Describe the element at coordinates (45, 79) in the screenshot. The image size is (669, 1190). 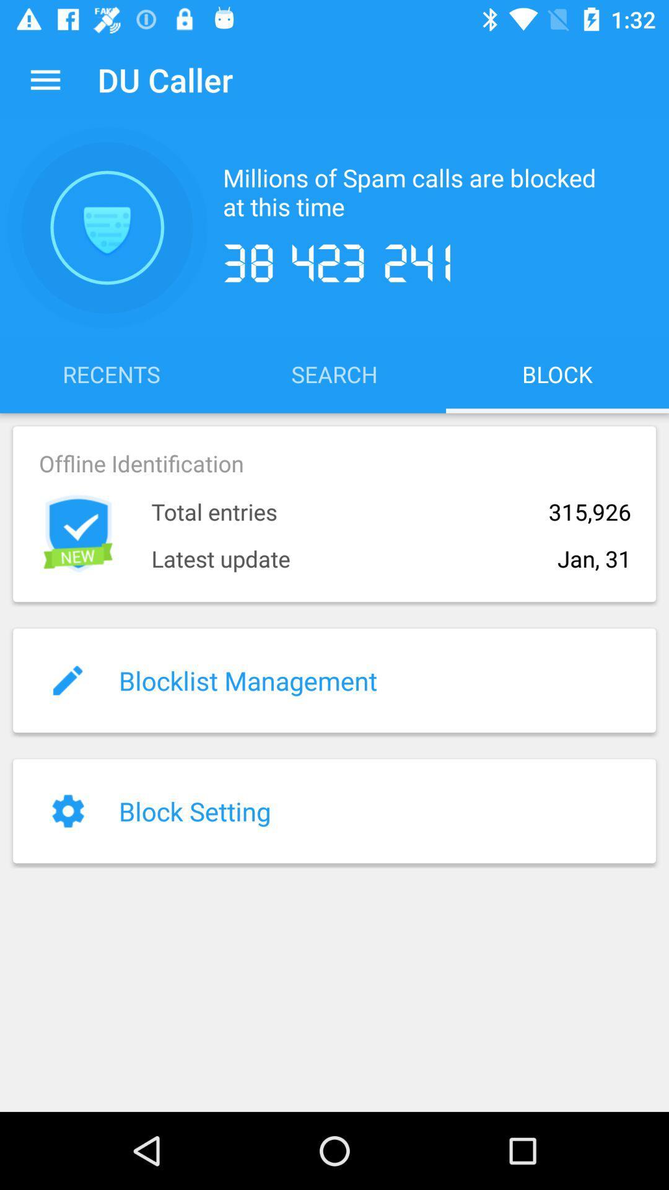
I see `icon to the left of du caller item` at that location.